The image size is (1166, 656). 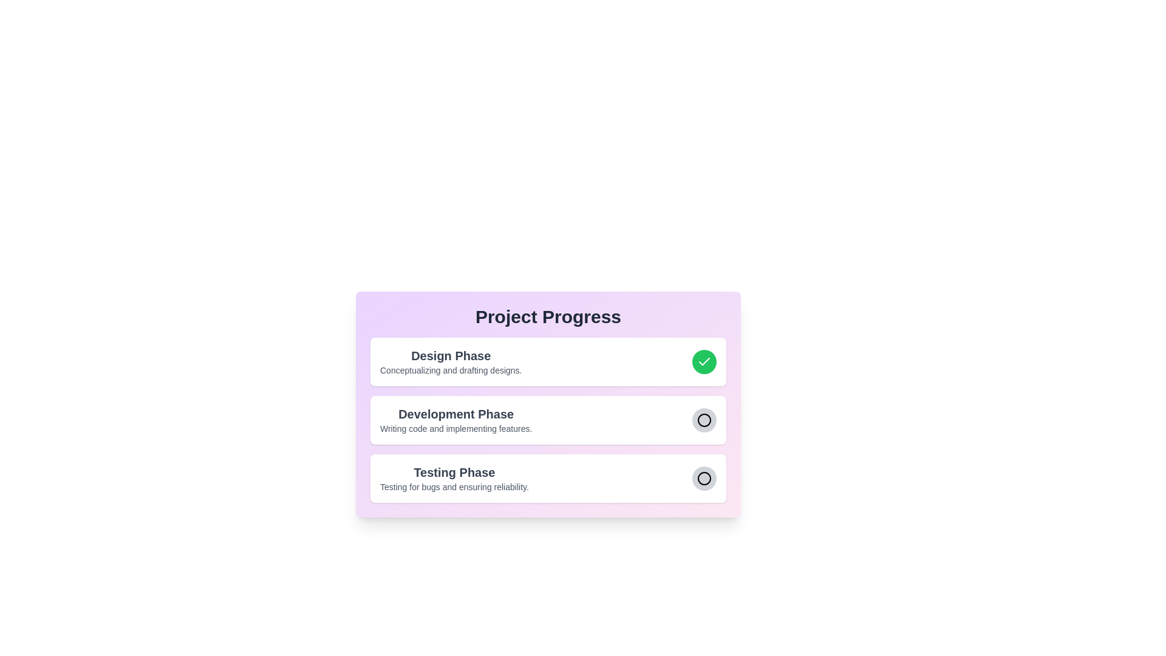 I want to click on the radio button located in the 'Development Phase' section of the progress list, which is circular with a gray background and a black outline, indicating it is in a deselected state, so click(x=704, y=419).